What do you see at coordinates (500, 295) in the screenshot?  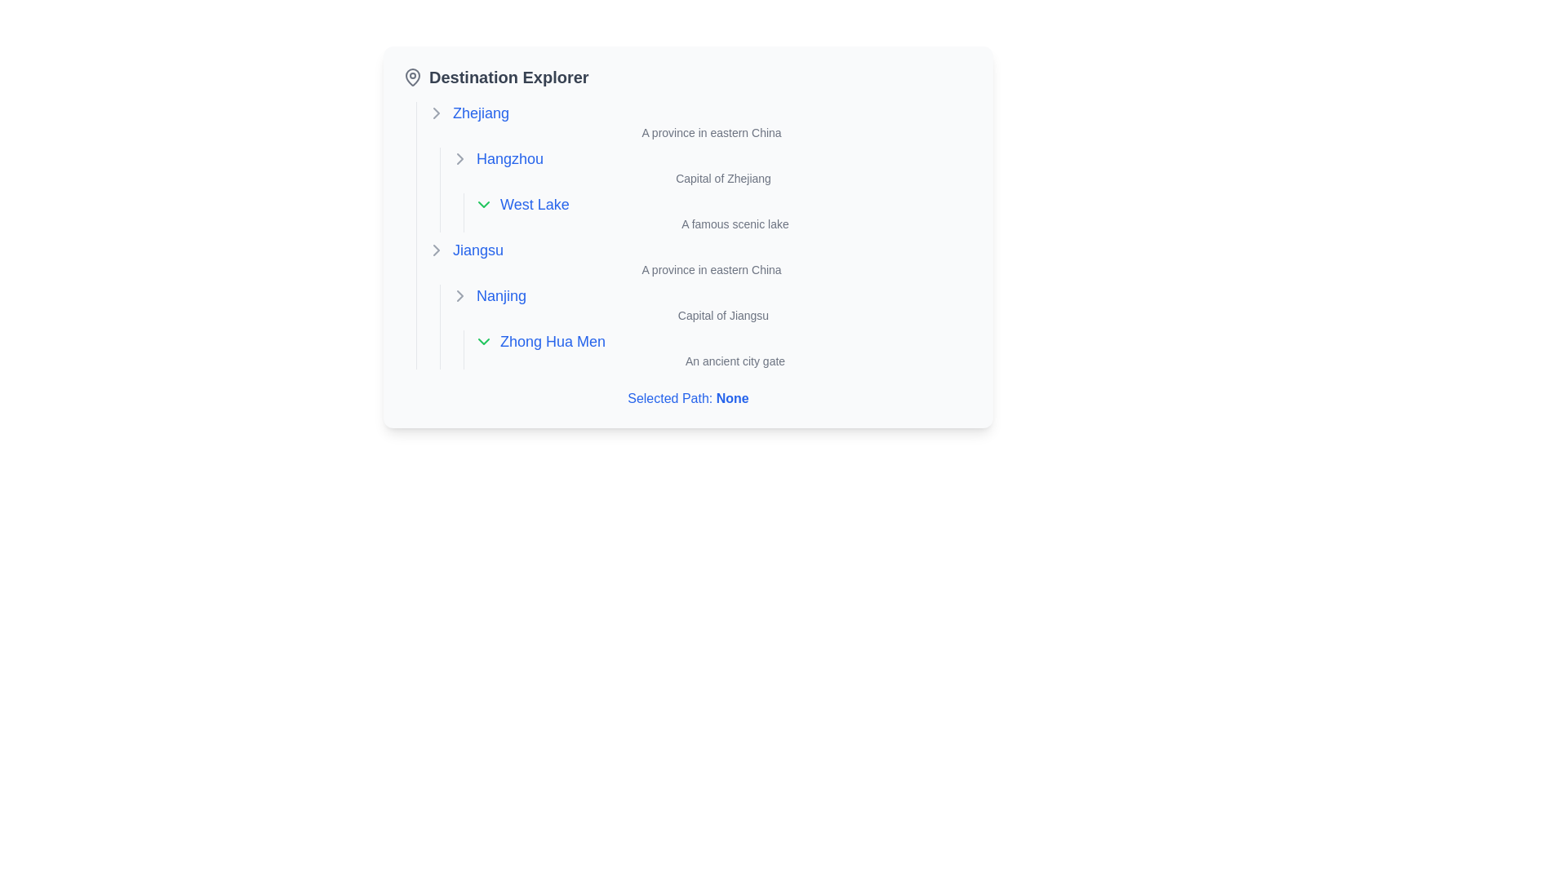 I see `the interactive text label displaying 'Nanjing', which is styled as a hyperlink in blue with bold font` at bounding box center [500, 295].